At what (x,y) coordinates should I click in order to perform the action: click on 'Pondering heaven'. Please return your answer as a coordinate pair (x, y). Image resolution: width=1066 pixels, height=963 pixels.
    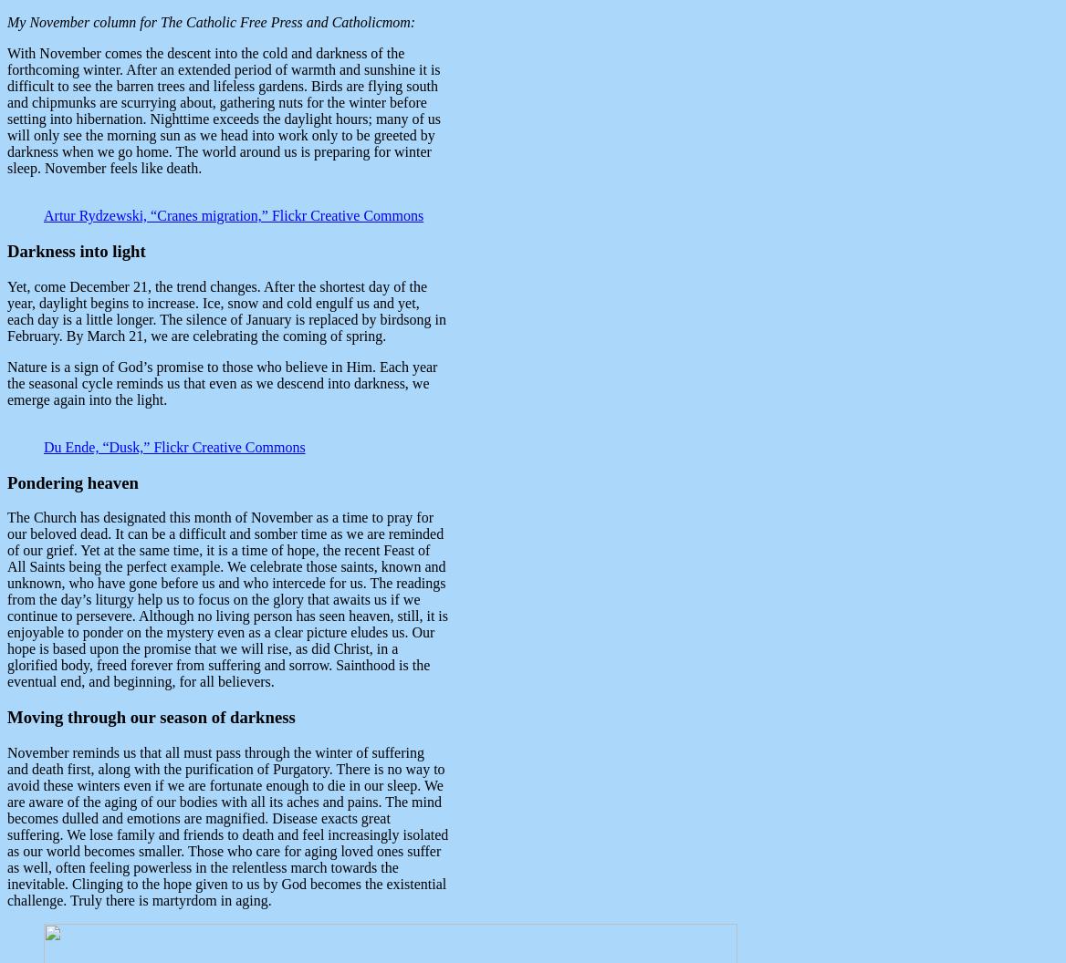
    Looking at the image, I should click on (6, 481).